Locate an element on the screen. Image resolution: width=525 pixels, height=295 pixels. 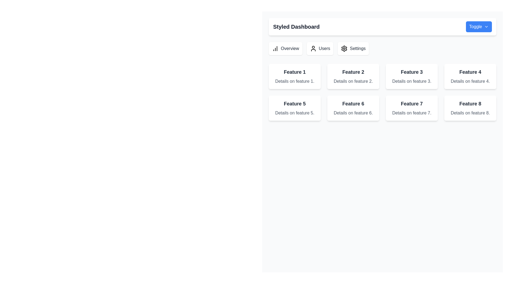
the Text Label displaying 'Details on feature 8.' located under the title 'Feature 8' in the eighth card is located at coordinates (470, 113).